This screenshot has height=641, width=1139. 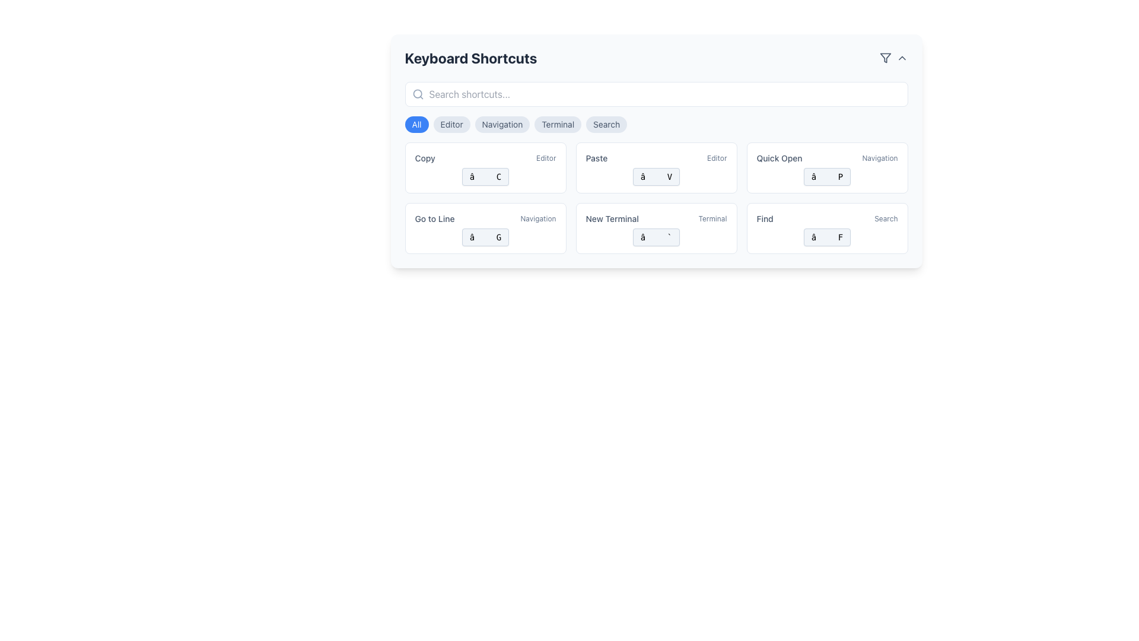 What do you see at coordinates (885, 58) in the screenshot?
I see `the filtering icon button located at the top-right corner of the main interface, which is aligned with other controls and has a red highlighted mail symbol` at bounding box center [885, 58].